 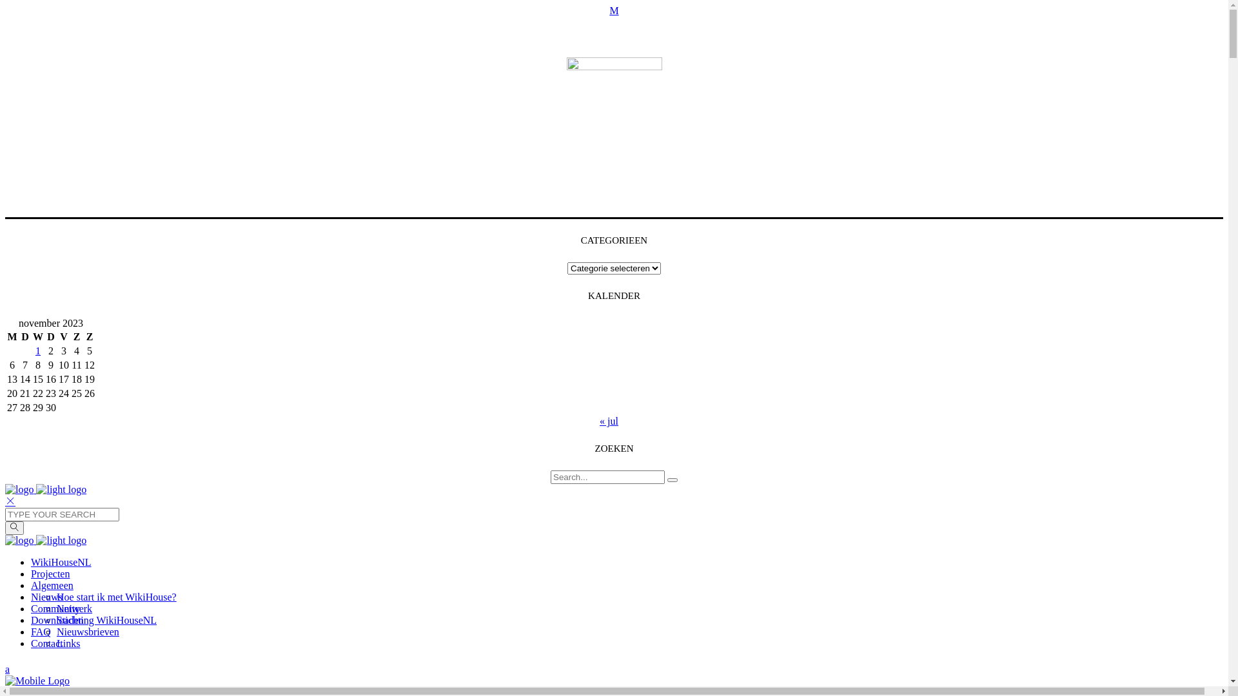 What do you see at coordinates (607, 477) in the screenshot?
I see `'Search for:'` at bounding box center [607, 477].